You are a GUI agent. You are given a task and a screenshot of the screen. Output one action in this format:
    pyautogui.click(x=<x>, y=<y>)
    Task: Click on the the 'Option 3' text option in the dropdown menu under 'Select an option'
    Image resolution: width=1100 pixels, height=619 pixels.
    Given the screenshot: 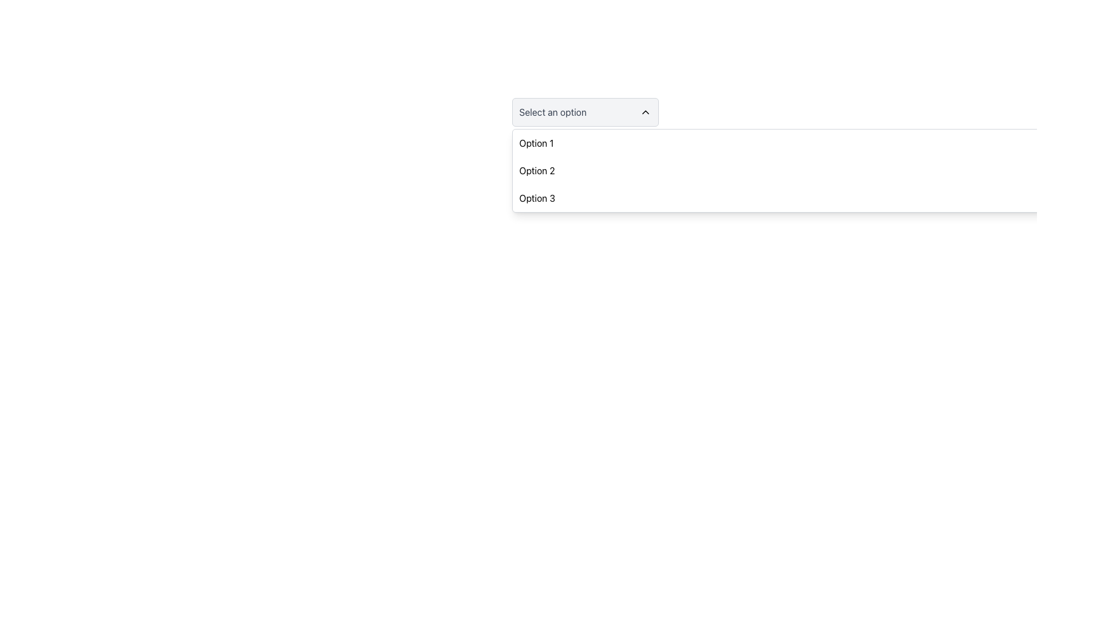 What is the action you would take?
    pyautogui.click(x=536, y=198)
    